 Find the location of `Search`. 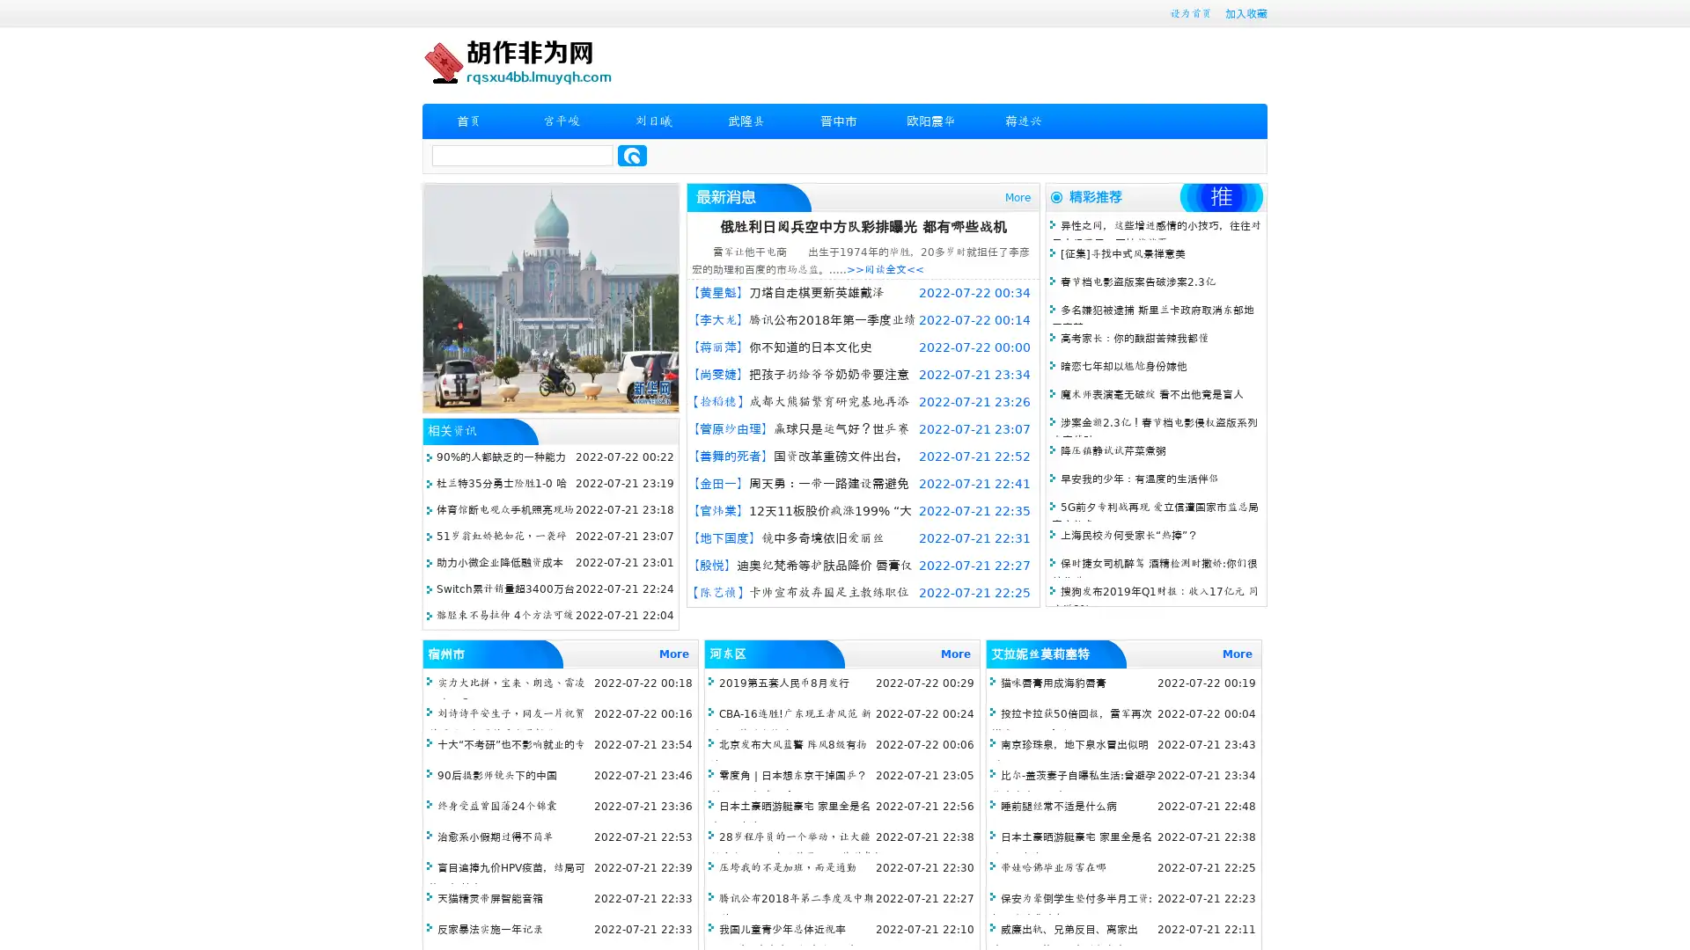

Search is located at coordinates (632, 155).